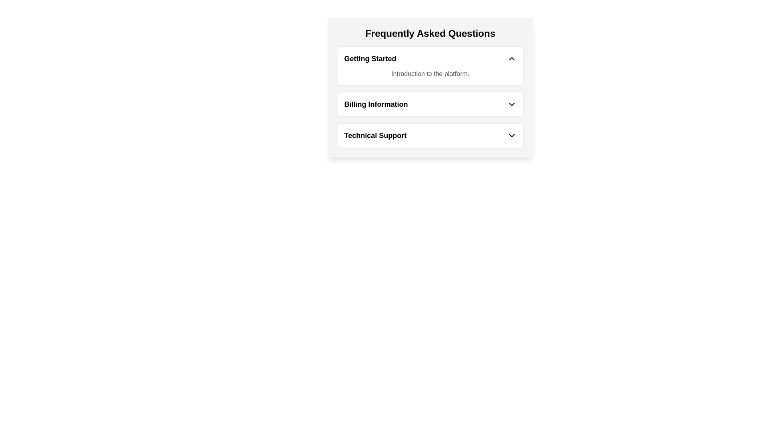 This screenshot has height=432, width=769. I want to click on the title/header element that indicates the start of the 'Frequently Asked Questions' section, so click(430, 33).